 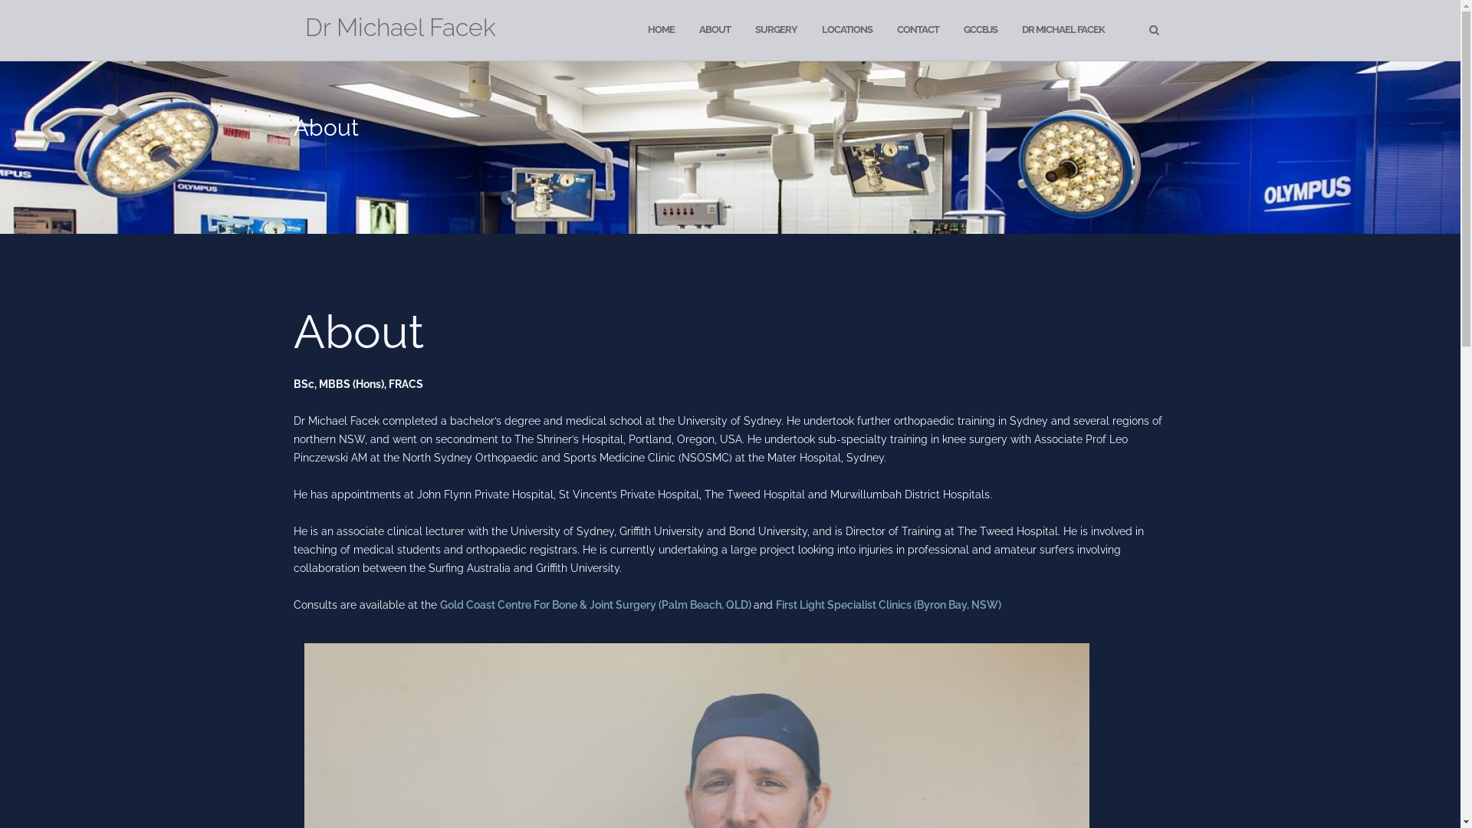 What do you see at coordinates (846, 30) in the screenshot?
I see `'LOCATIONS'` at bounding box center [846, 30].